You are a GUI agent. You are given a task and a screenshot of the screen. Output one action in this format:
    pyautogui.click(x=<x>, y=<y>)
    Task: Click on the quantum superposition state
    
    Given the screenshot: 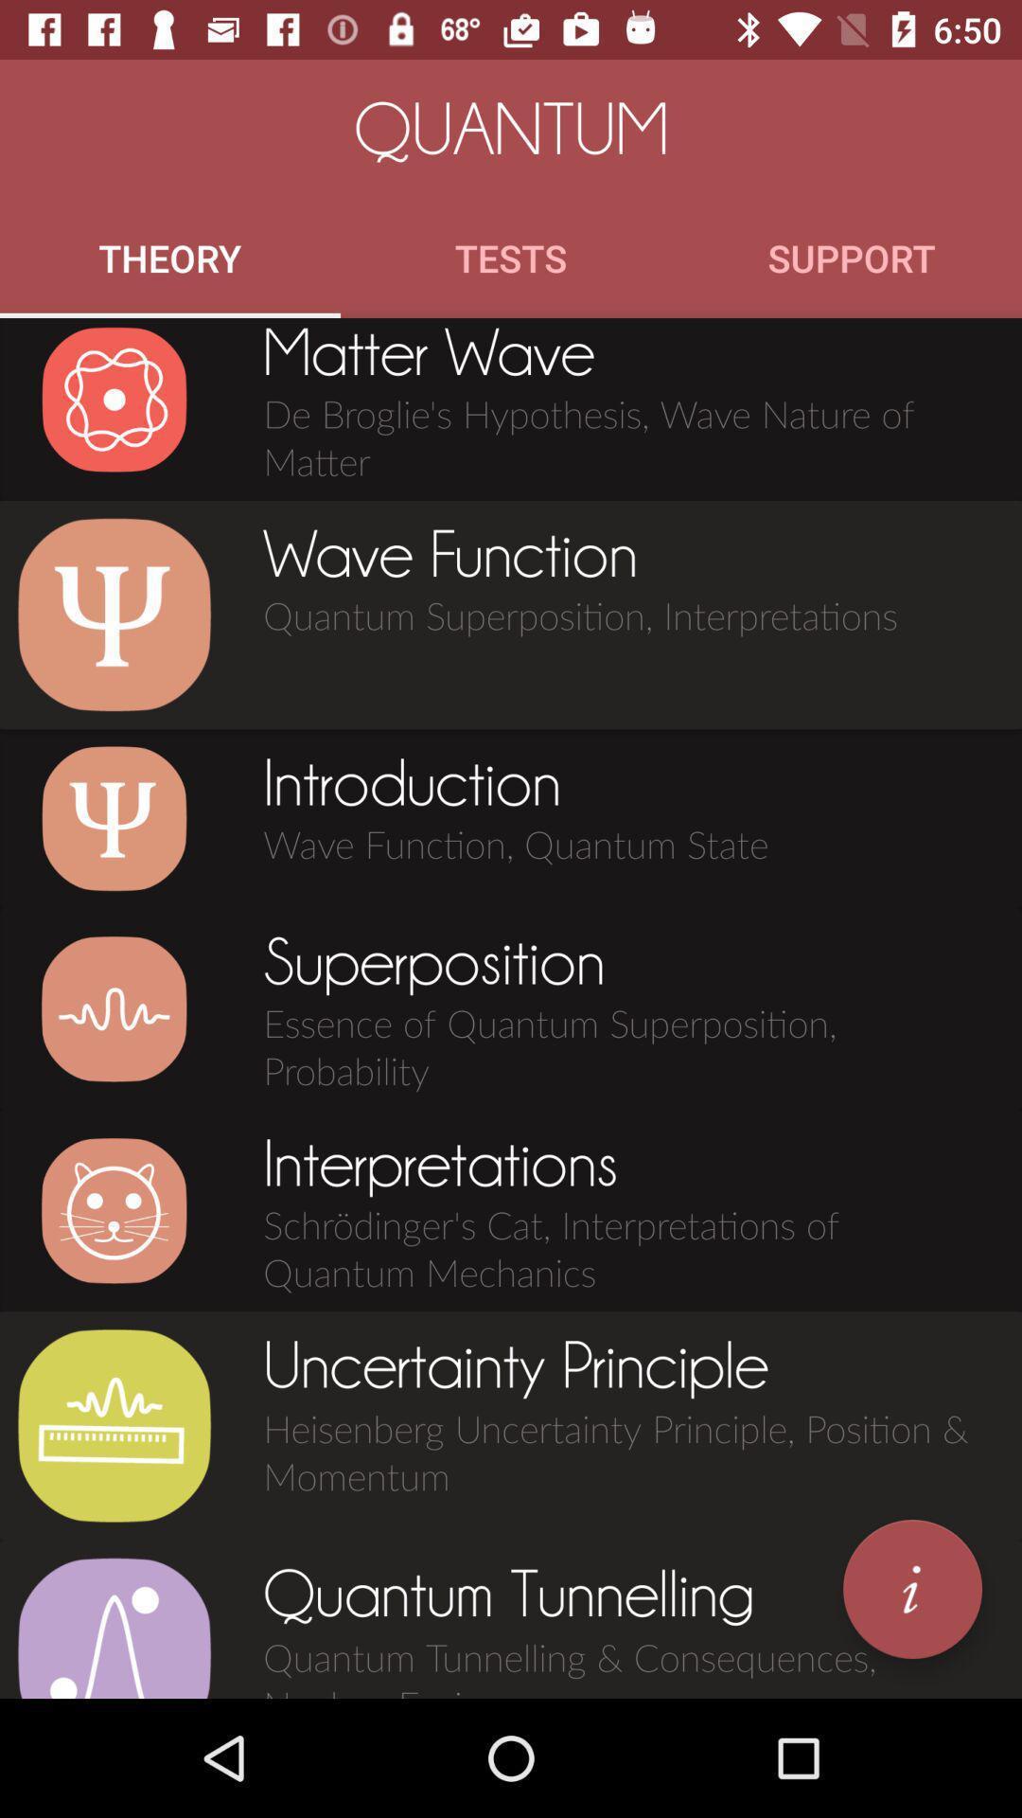 What is the action you would take?
    pyautogui.click(x=114, y=1007)
    